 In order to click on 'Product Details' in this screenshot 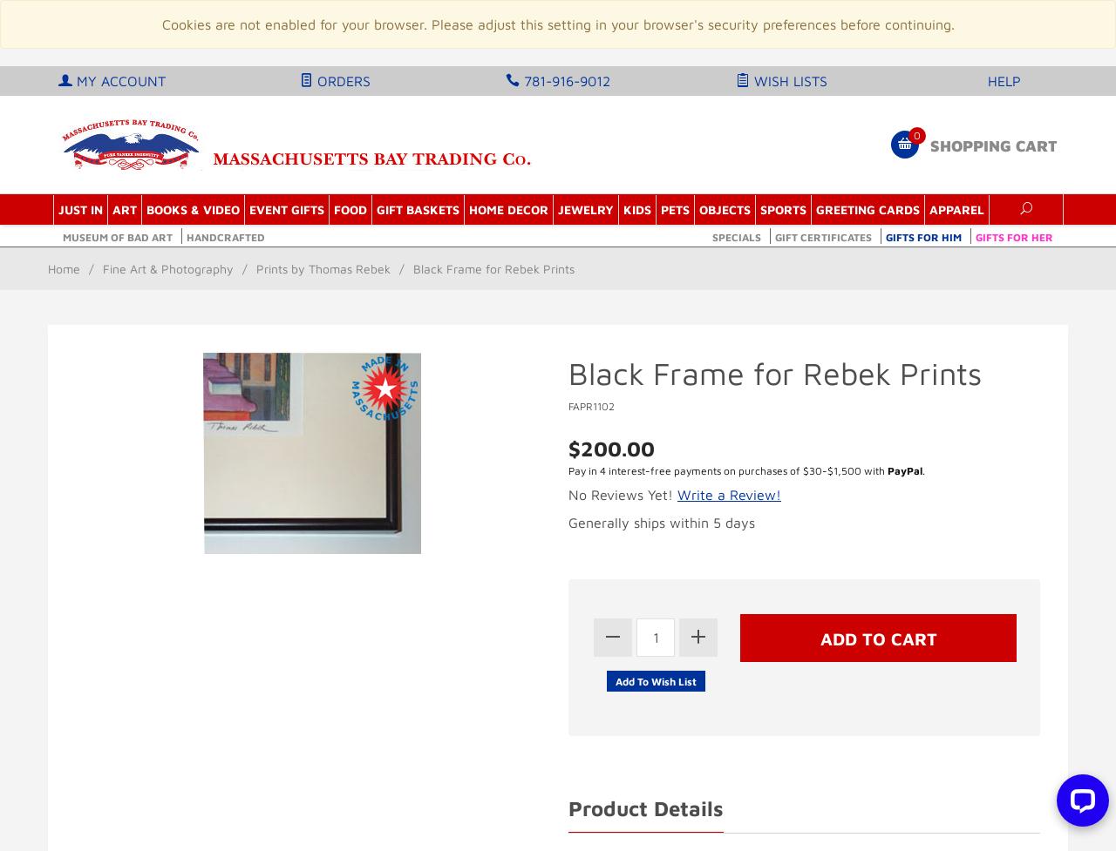, I will do `click(644, 806)`.